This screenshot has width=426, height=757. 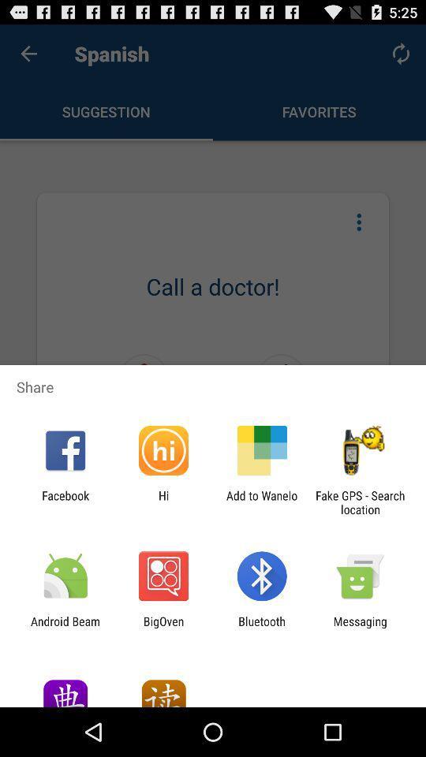 What do you see at coordinates (65, 628) in the screenshot?
I see `the icon to the left of the bigoven app` at bounding box center [65, 628].